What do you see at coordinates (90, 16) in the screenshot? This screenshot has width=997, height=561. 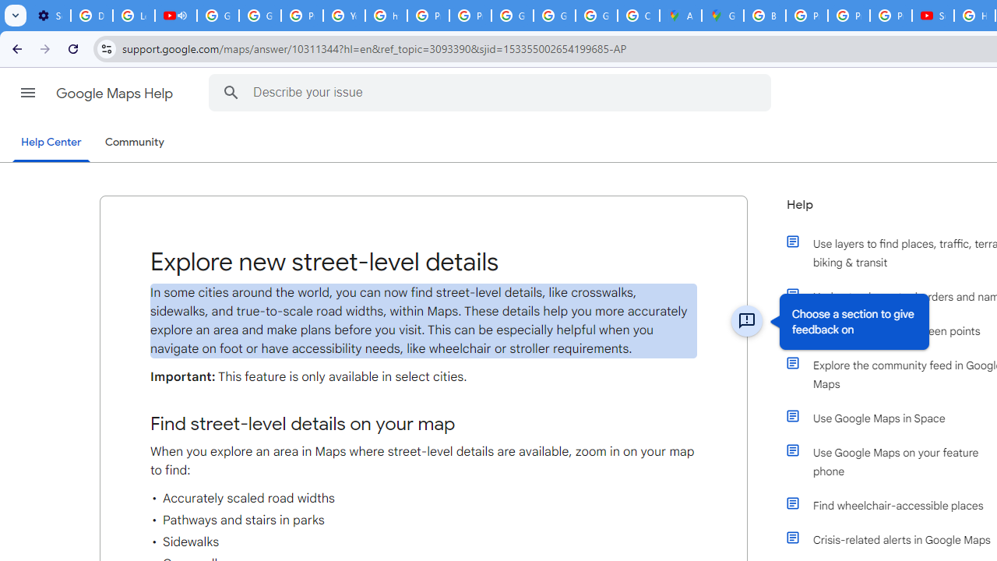 I see `'Delete photos & videos - Computer - Google Photos Help'` at bounding box center [90, 16].